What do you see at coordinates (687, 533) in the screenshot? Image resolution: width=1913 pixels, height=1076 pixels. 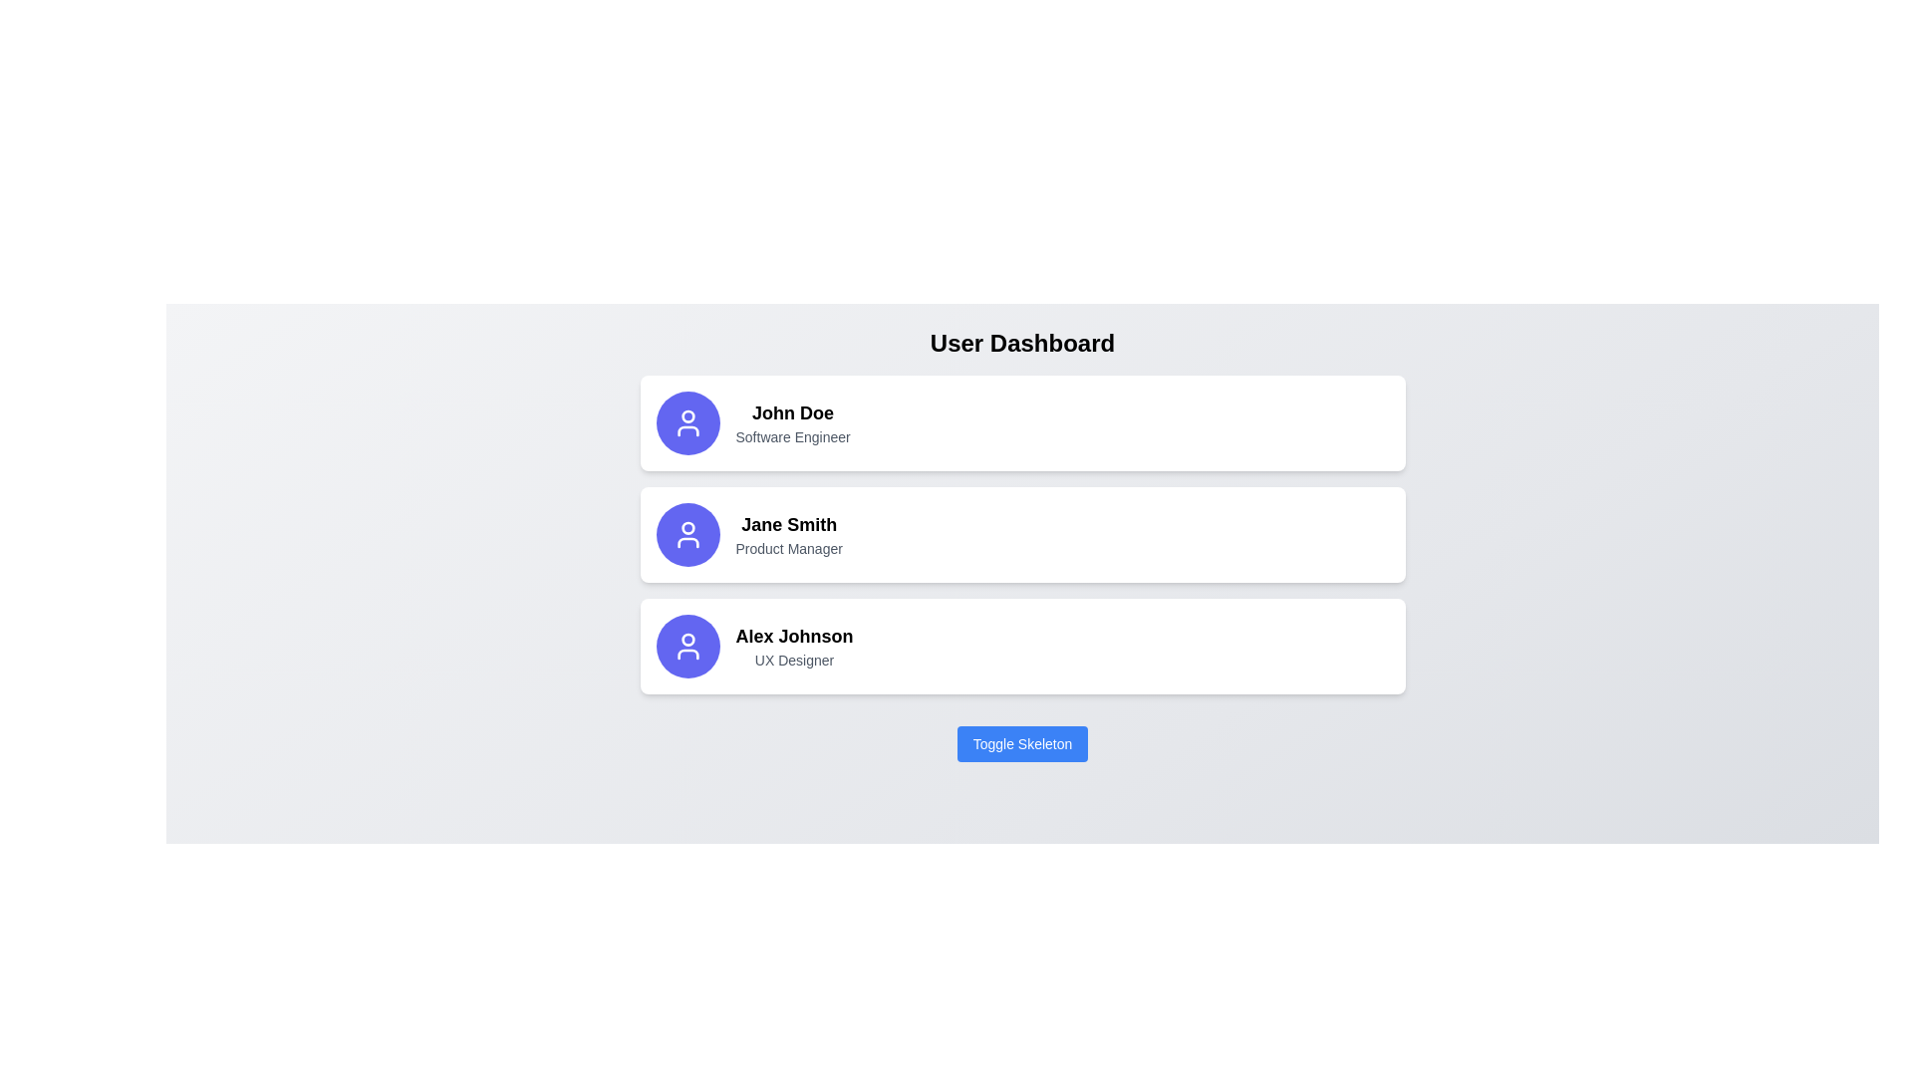 I see `the user profile icon represented by a bold indigo circular design, positioned in the upper-left corner of the card for 'Jane Smith - Product Manager'` at bounding box center [687, 533].